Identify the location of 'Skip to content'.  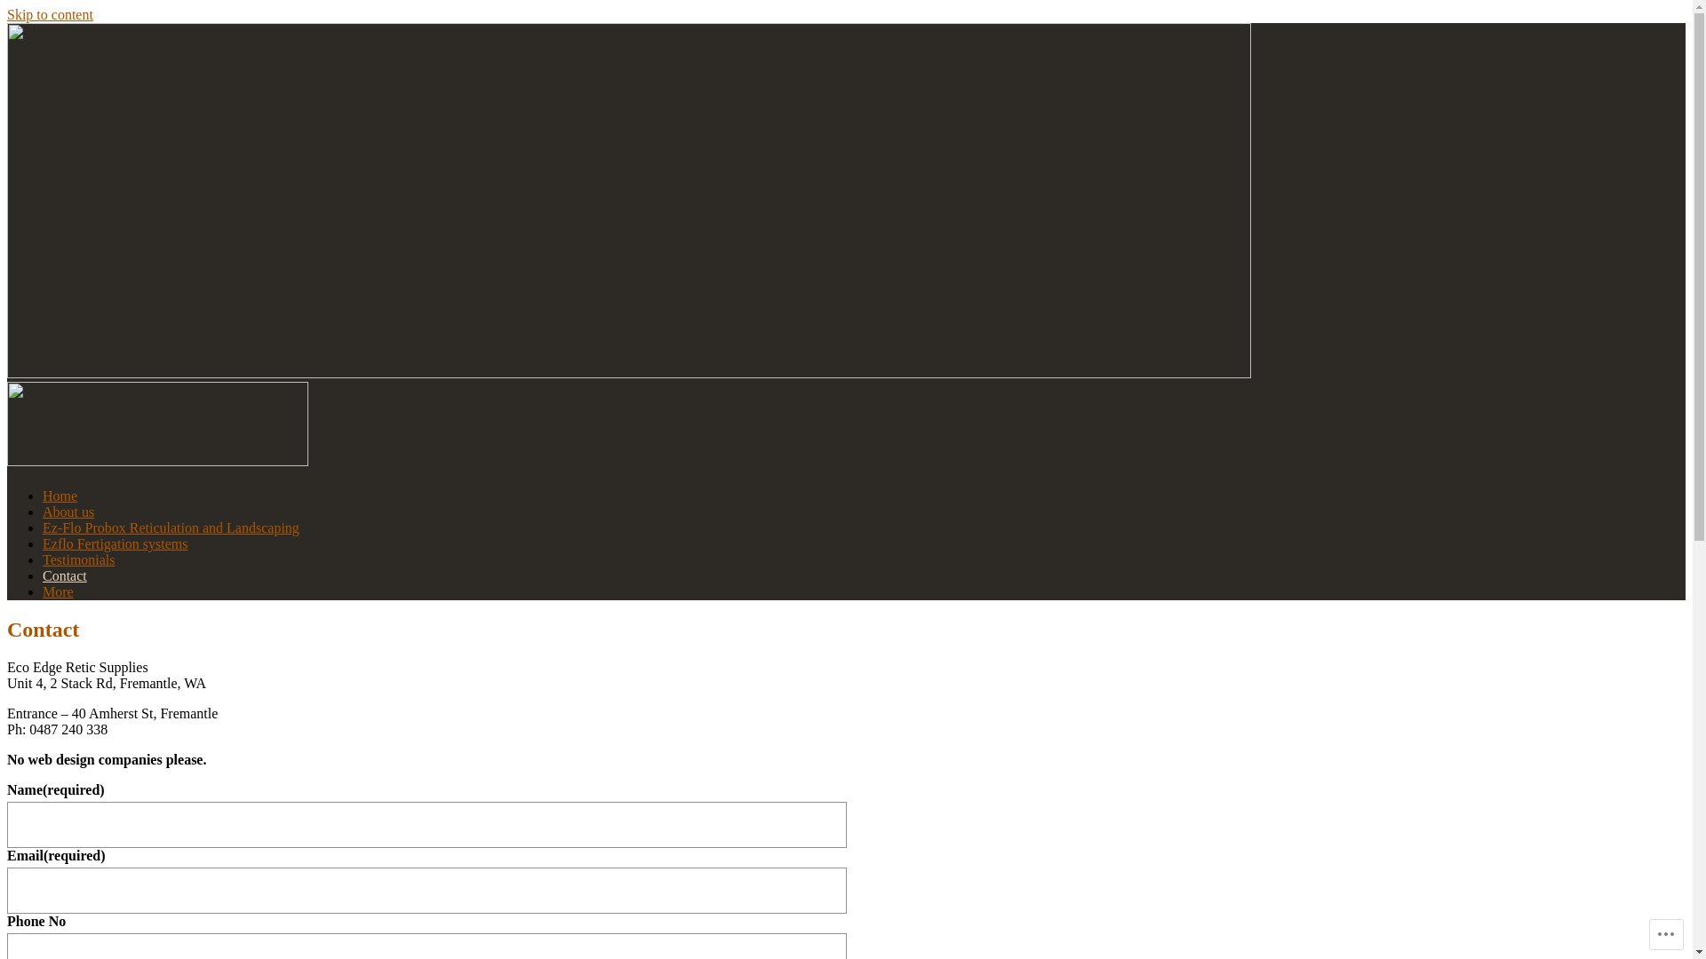
(50, 14).